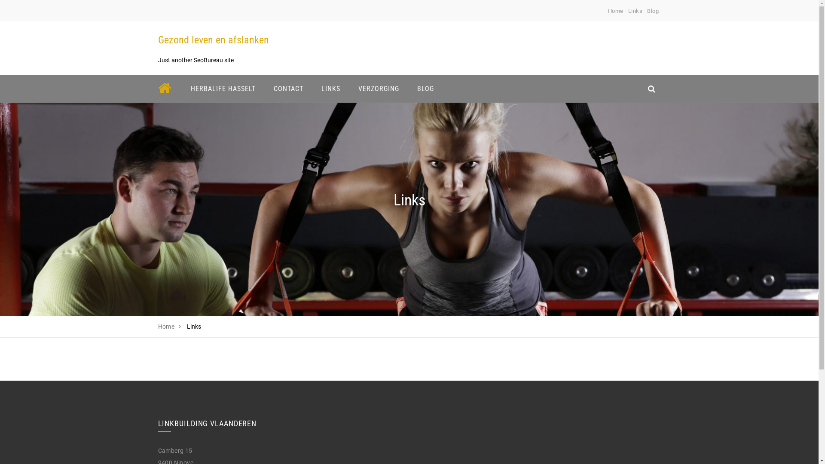  I want to click on 'Home', so click(166, 326).